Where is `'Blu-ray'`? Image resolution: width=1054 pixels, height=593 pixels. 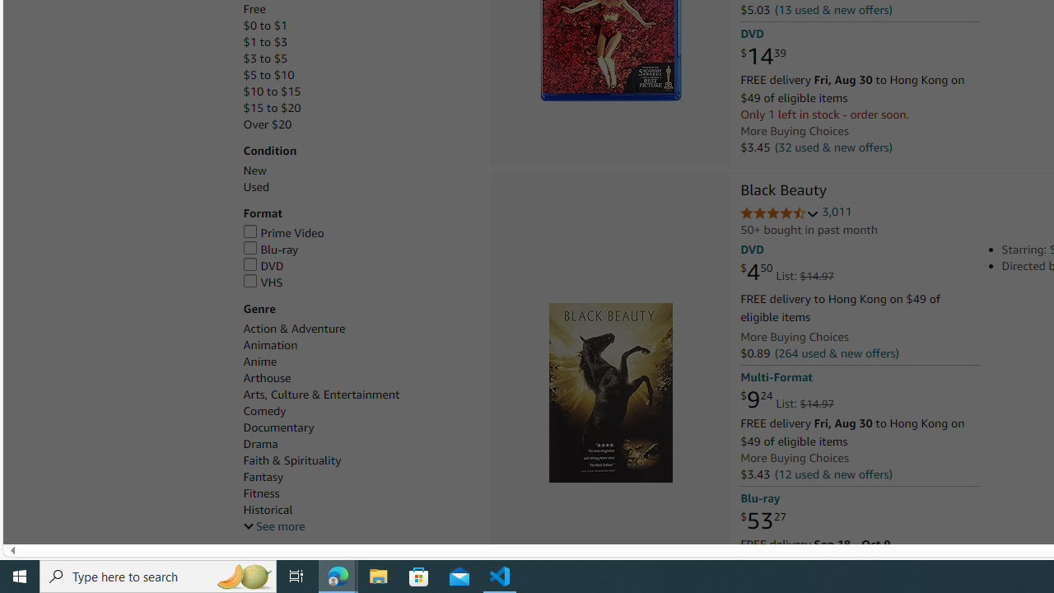 'Blu-ray' is located at coordinates (270, 250).